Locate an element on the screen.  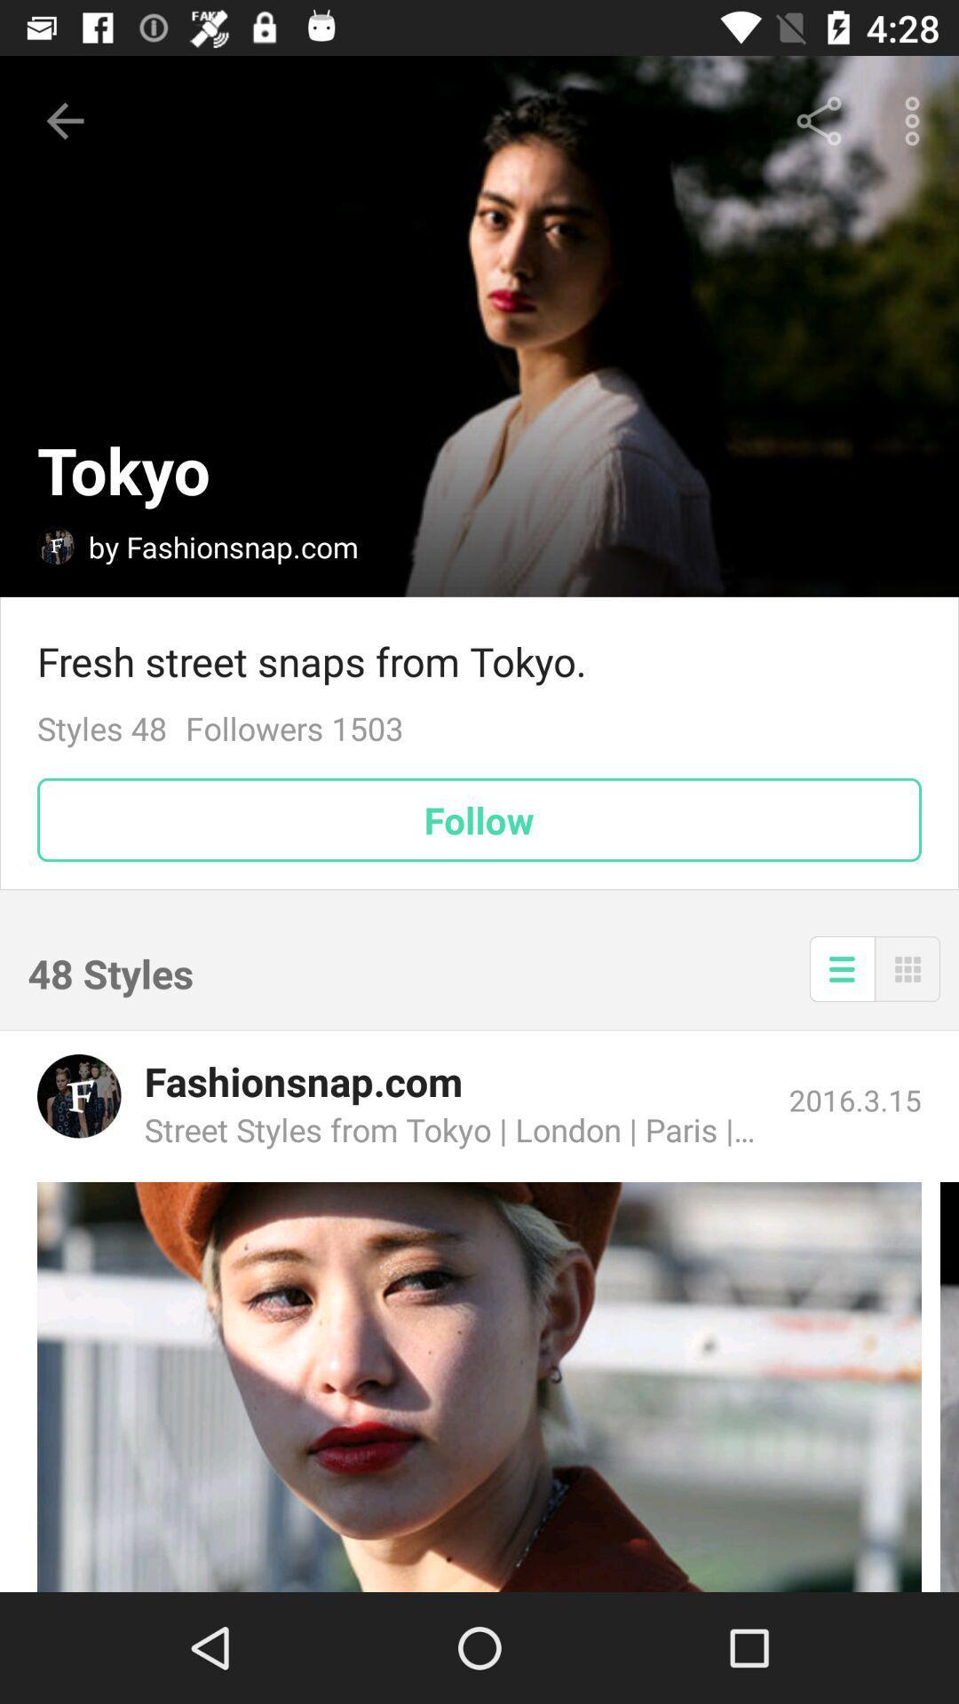
the icon above fresh street snaps item is located at coordinates (819, 120).